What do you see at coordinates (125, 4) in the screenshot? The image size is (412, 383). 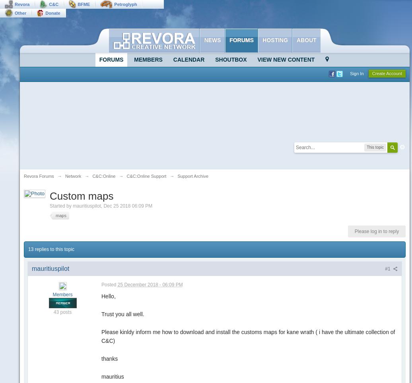 I see `'Petroglyph'` at bounding box center [125, 4].